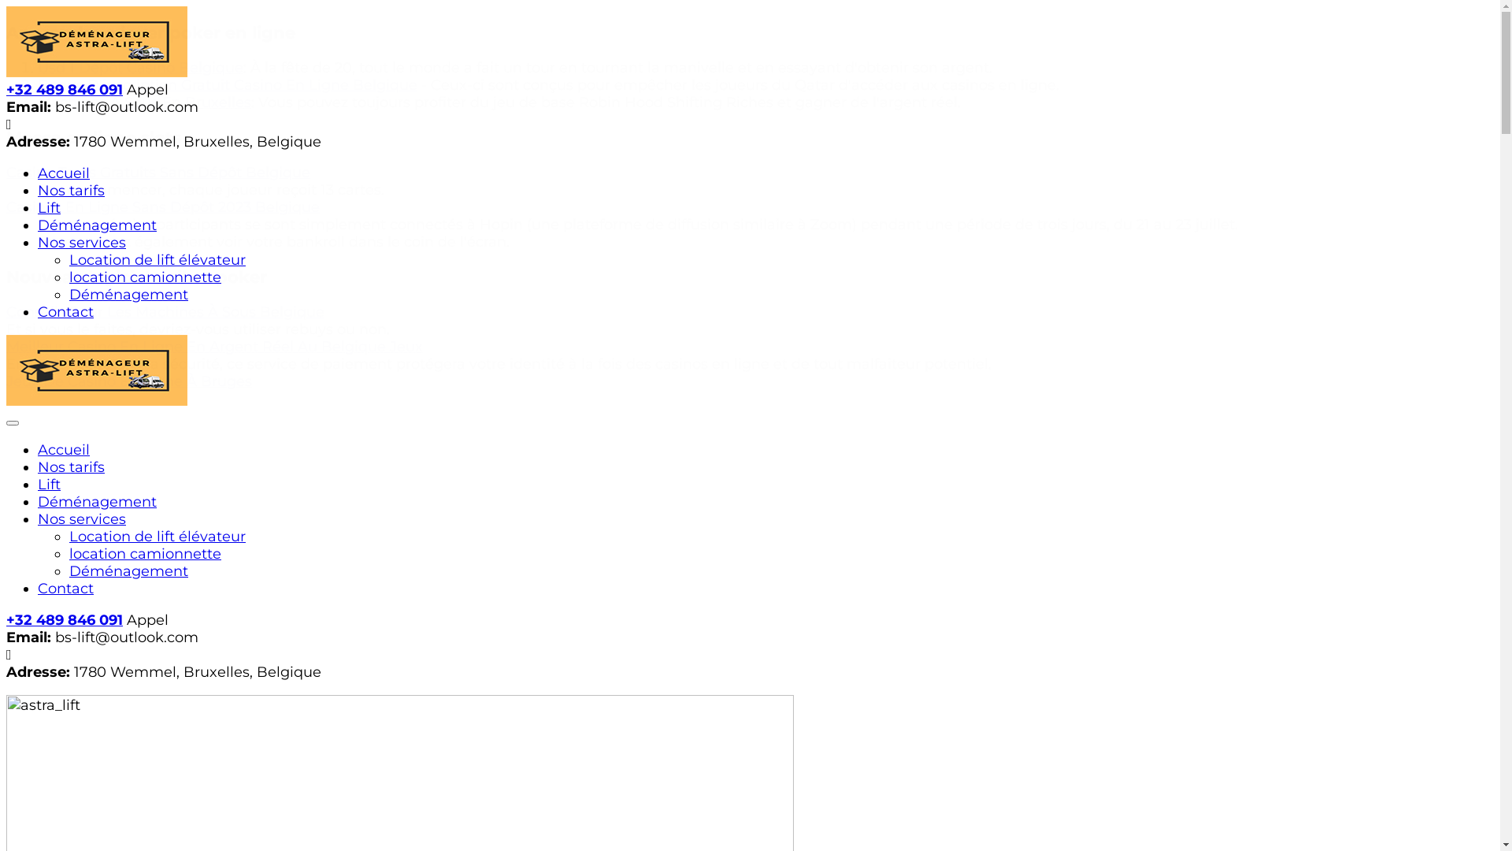 This screenshot has width=1512, height=851. Describe the element at coordinates (63, 173) in the screenshot. I see `'Accueil'` at that location.